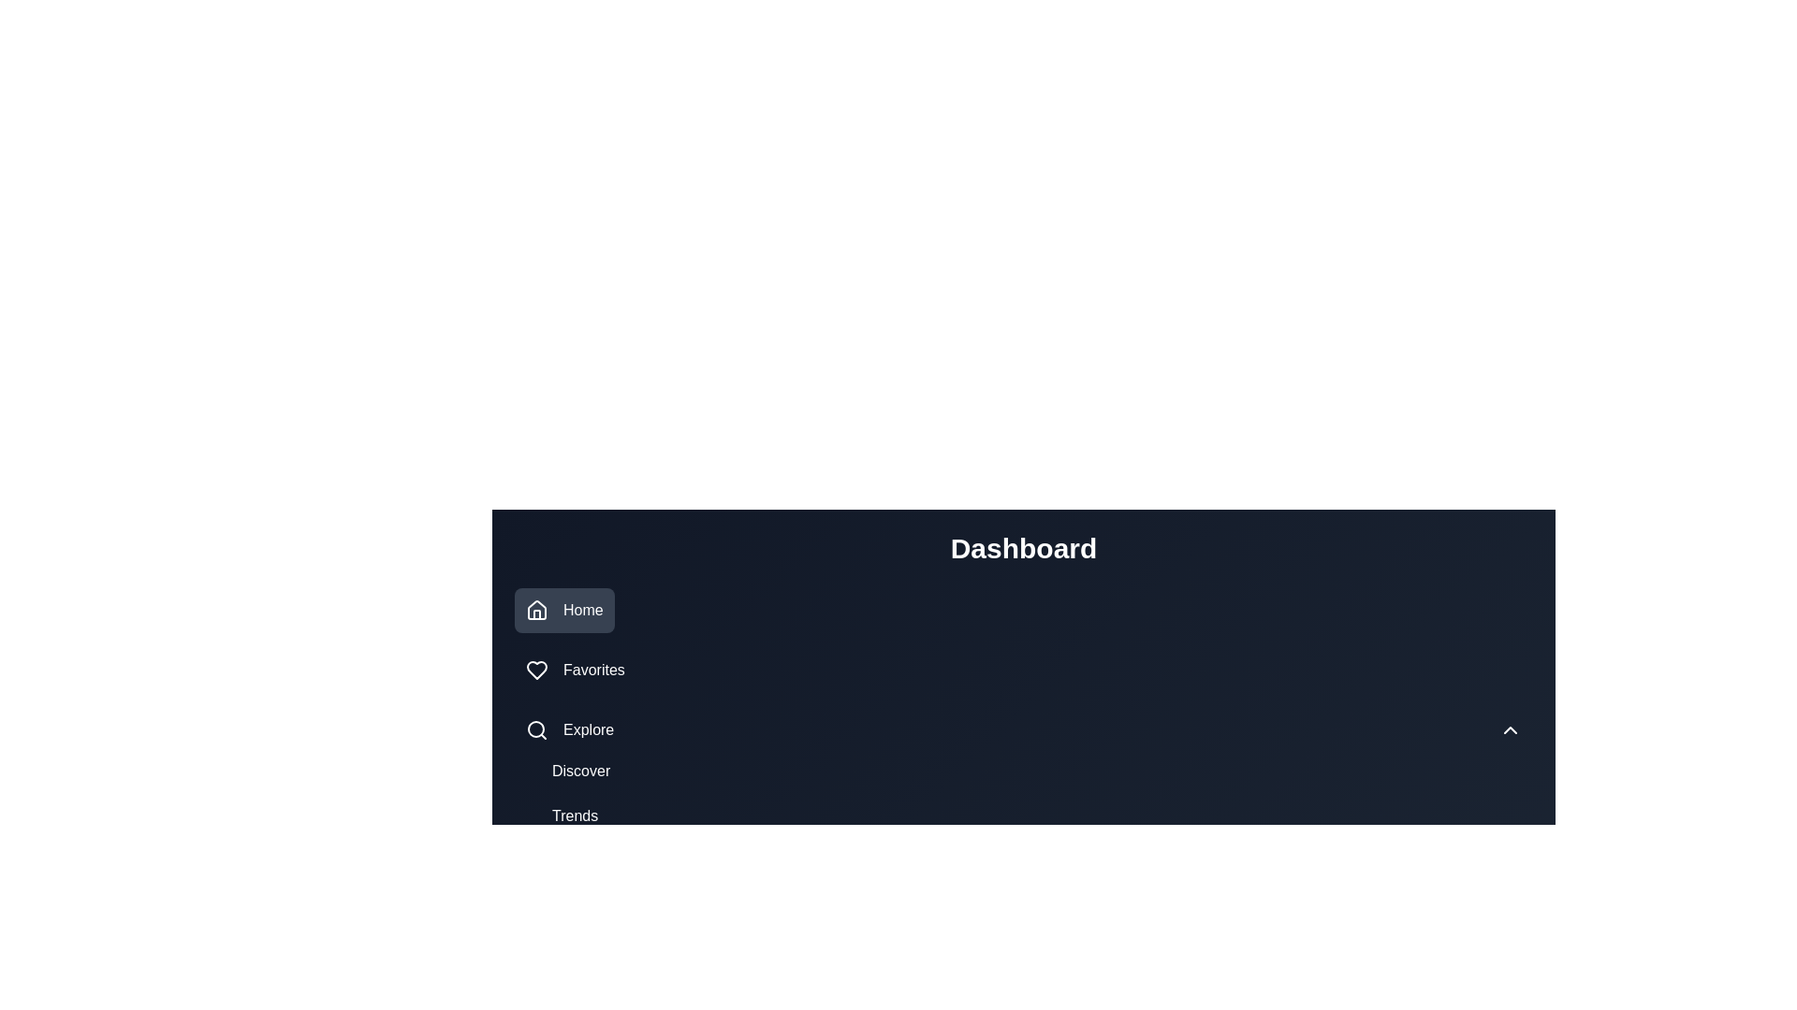 The width and height of the screenshot is (1797, 1010). What do you see at coordinates (536, 729) in the screenshot?
I see `the search icon located to the left of the 'Explore' label in the vertical navigation menu, which represents the search functionality` at bounding box center [536, 729].